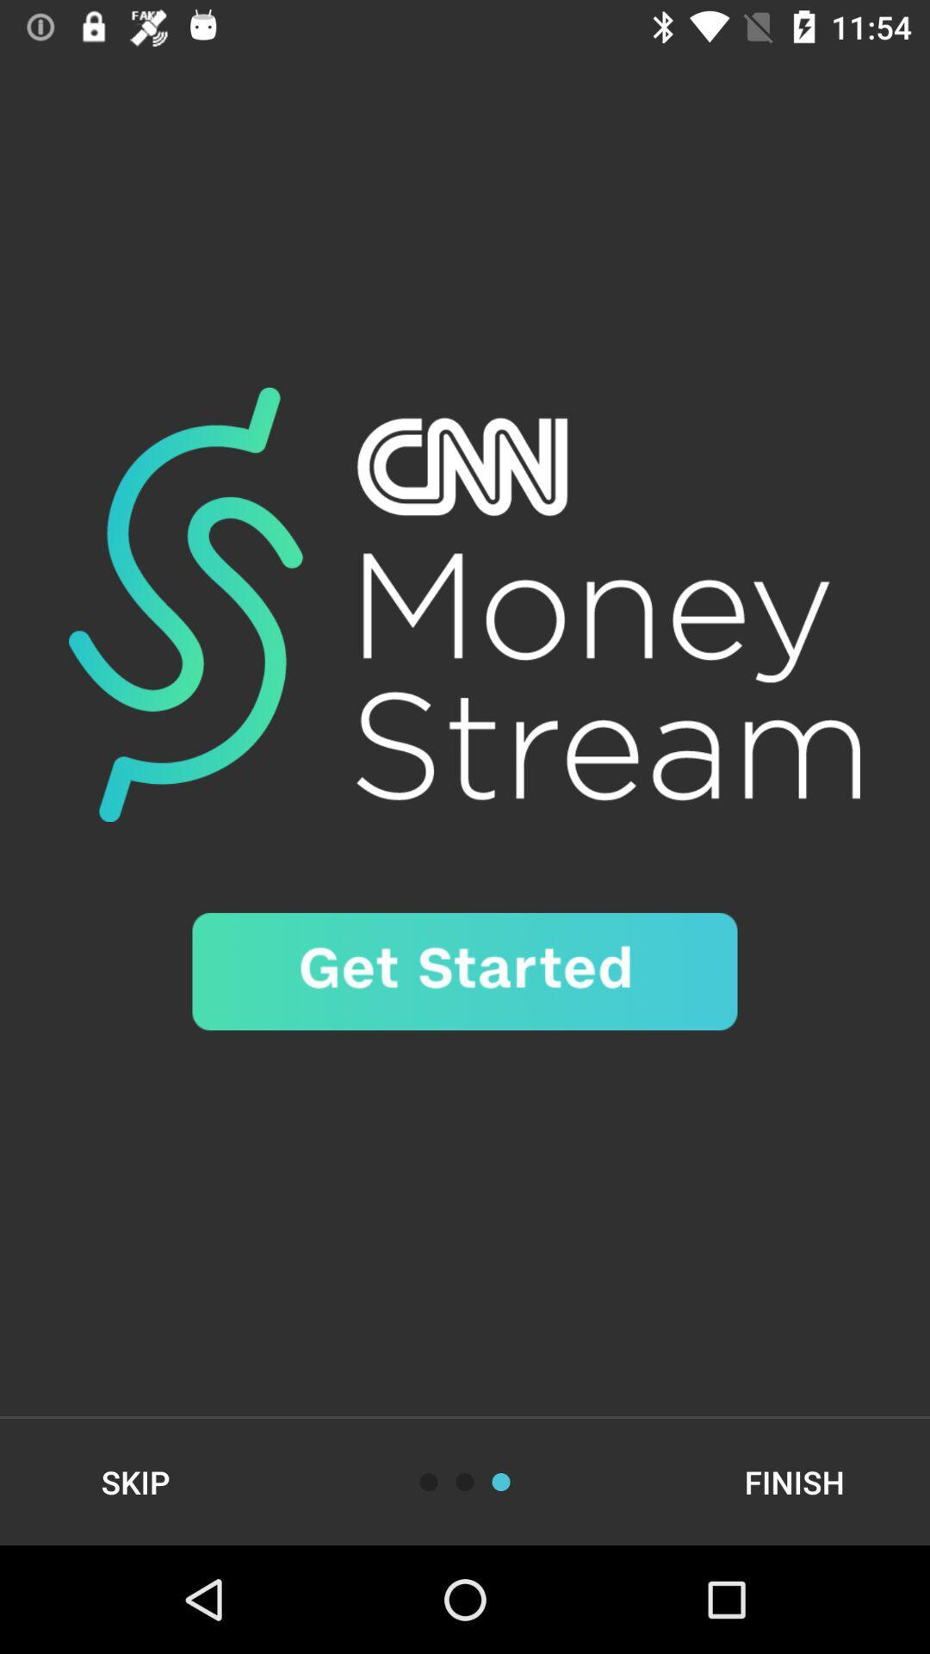  What do you see at coordinates (794, 1481) in the screenshot?
I see `the finish item` at bounding box center [794, 1481].